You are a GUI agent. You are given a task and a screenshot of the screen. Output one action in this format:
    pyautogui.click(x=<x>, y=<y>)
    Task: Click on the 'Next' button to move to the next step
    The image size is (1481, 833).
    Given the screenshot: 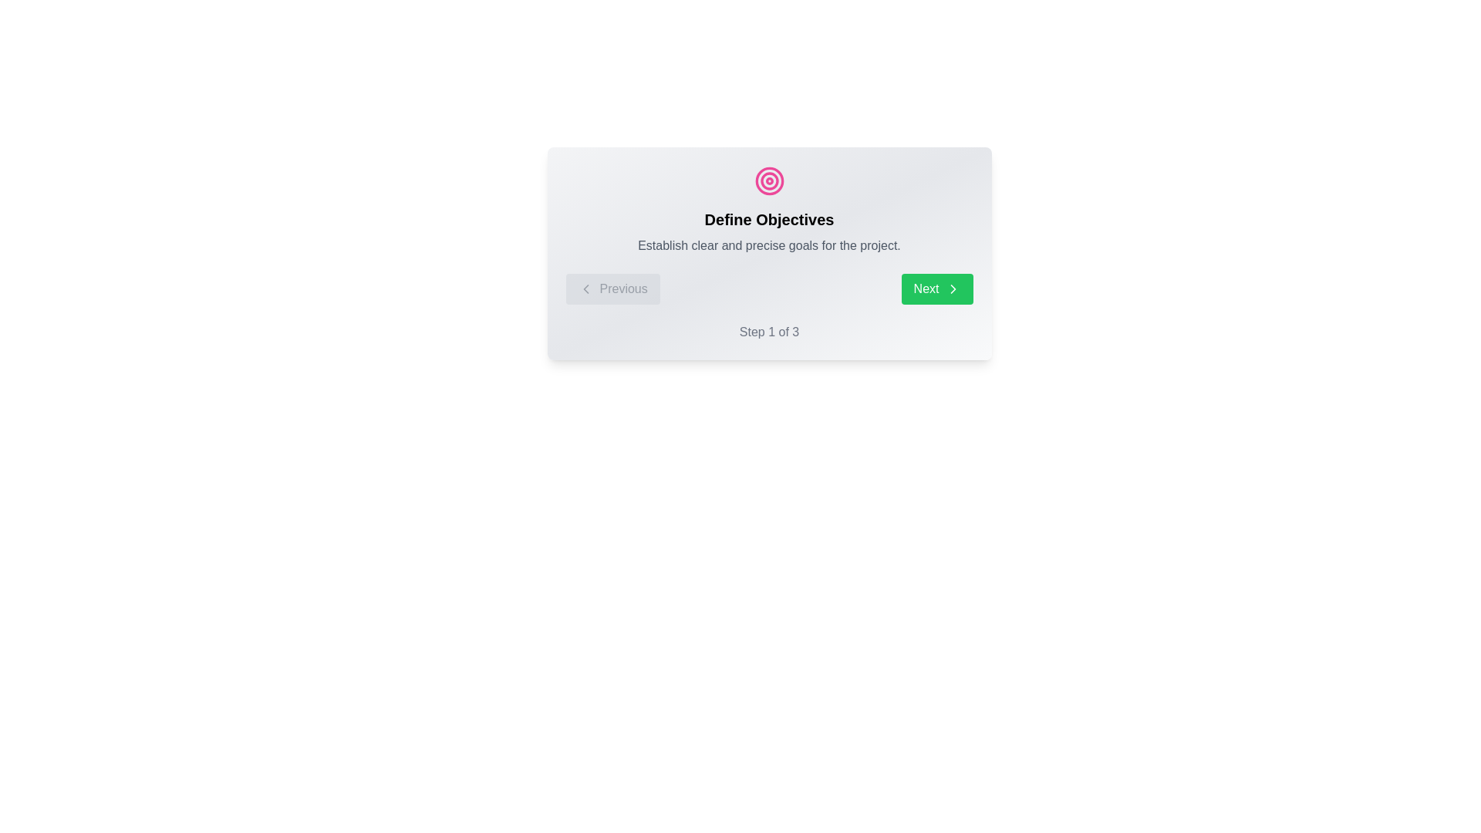 What is the action you would take?
    pyautogui.click(x=936, y=288)
    